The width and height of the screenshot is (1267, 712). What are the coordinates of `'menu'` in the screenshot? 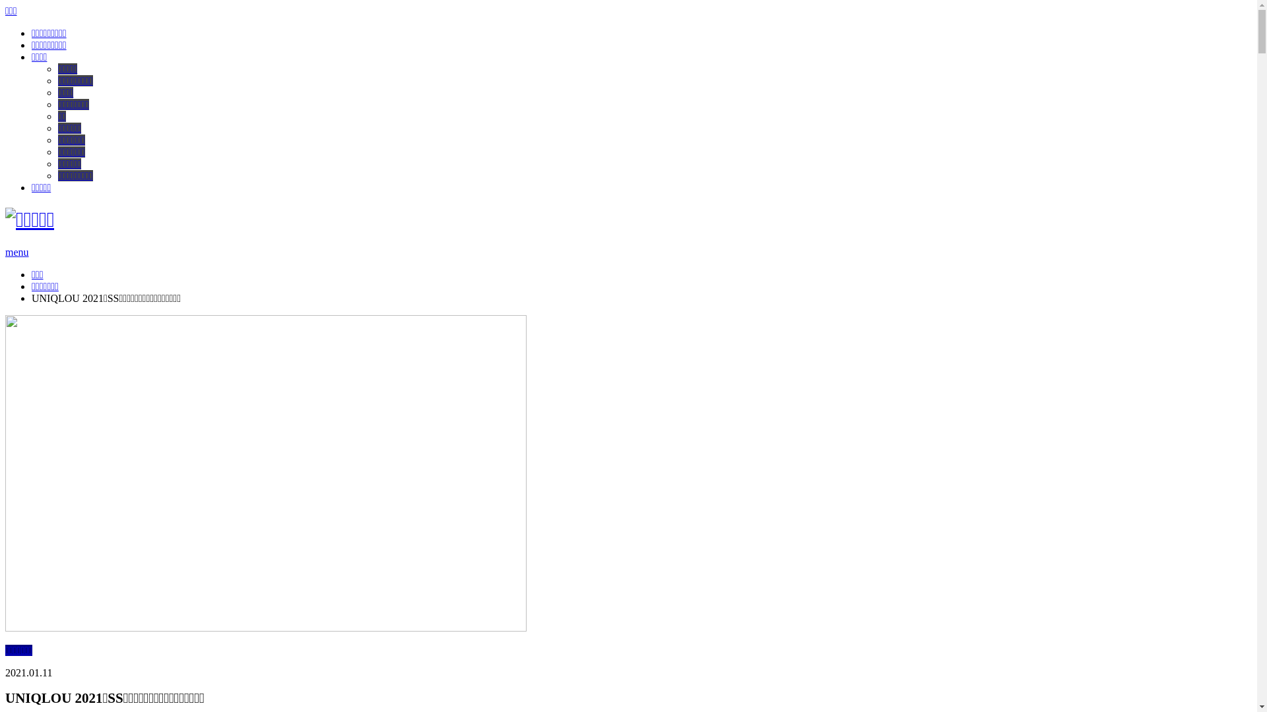 It's located at (16, 252).